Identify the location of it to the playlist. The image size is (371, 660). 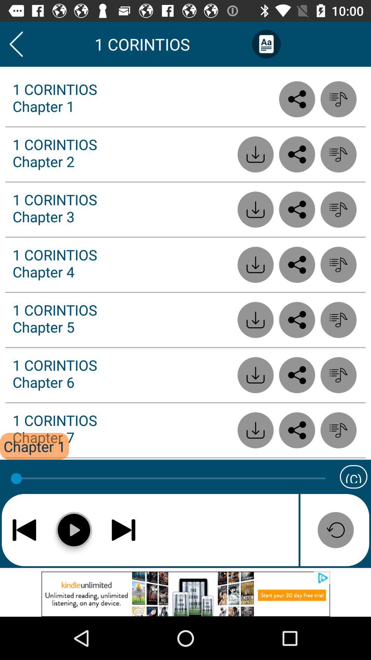
(338, 154).